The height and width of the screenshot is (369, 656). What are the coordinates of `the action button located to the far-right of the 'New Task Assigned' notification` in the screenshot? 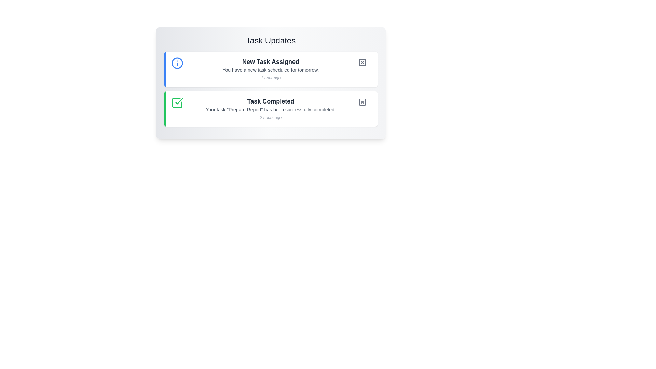 It's located at (362, 62).